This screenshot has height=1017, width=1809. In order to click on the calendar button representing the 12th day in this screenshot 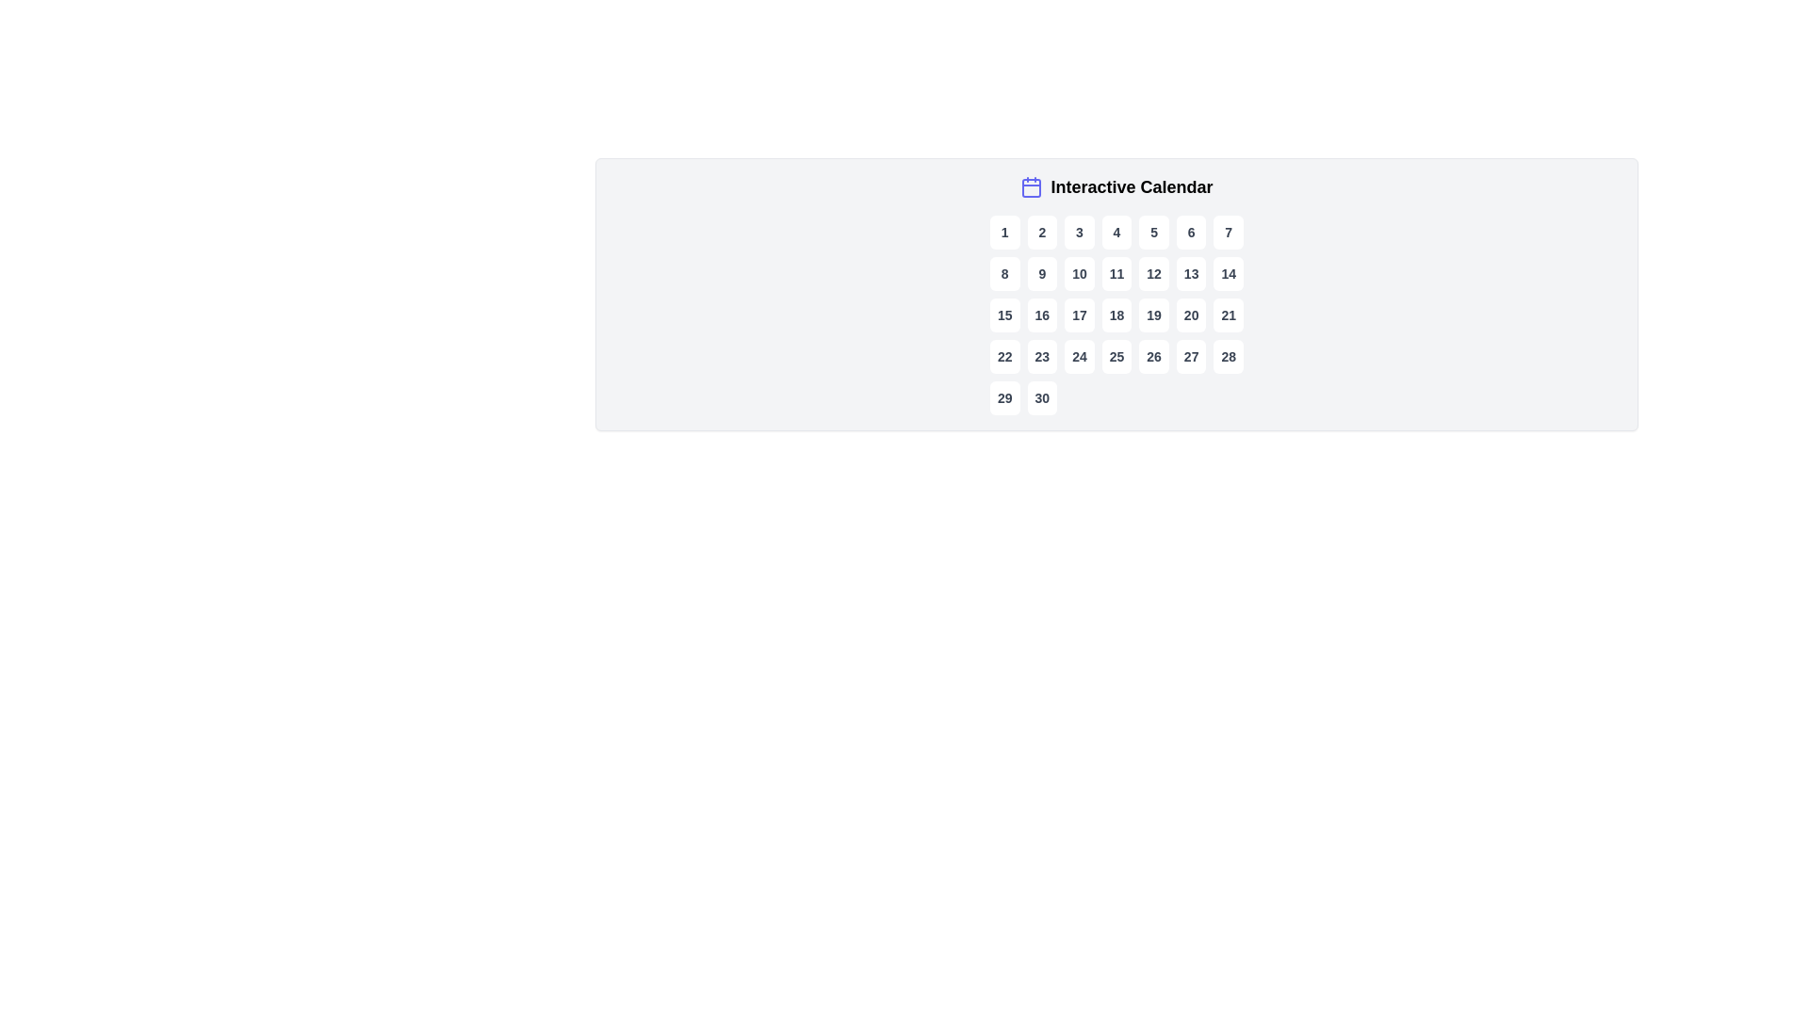, I will do `click(1153, 273)`.